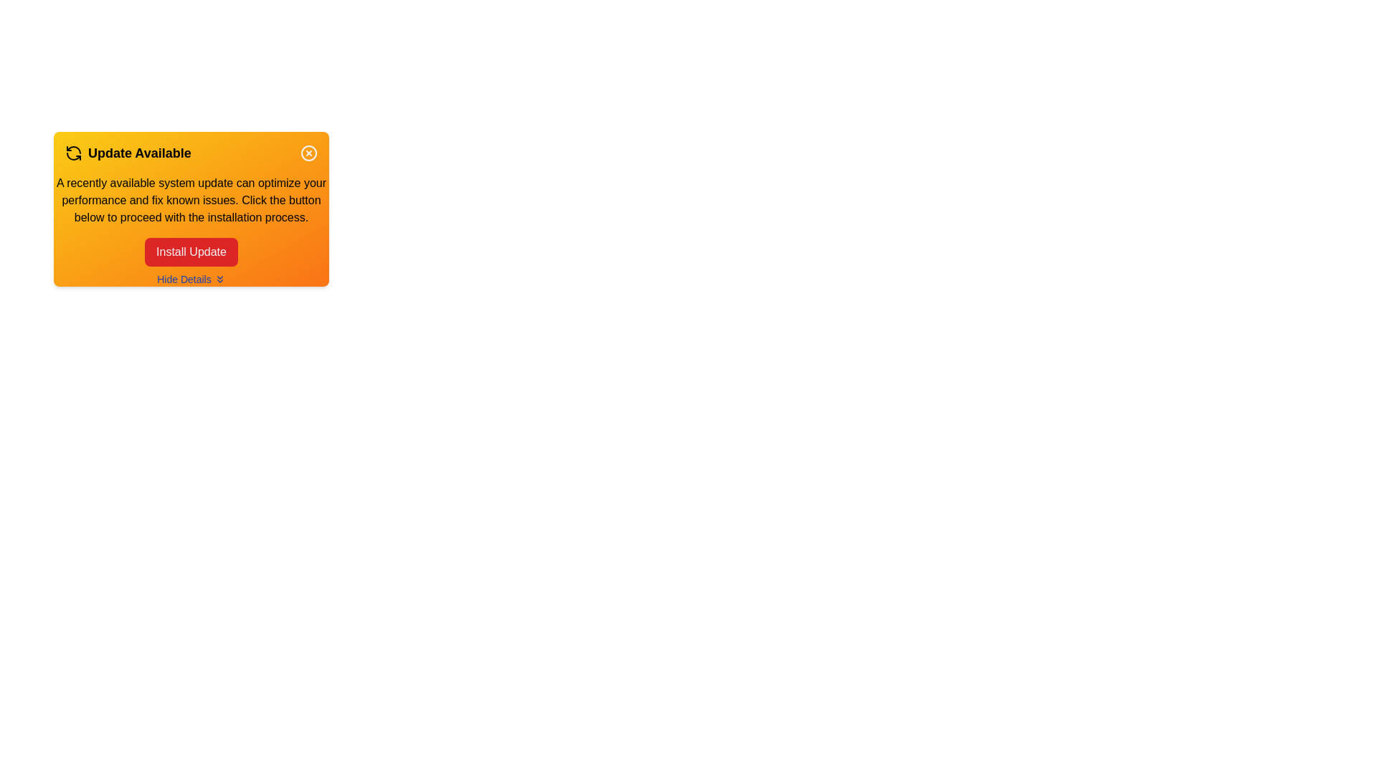 The width and height of the screenshot is (1377, 774). I want to click on the 'Hide Details' button to collapse the details section, so click(191, 279).